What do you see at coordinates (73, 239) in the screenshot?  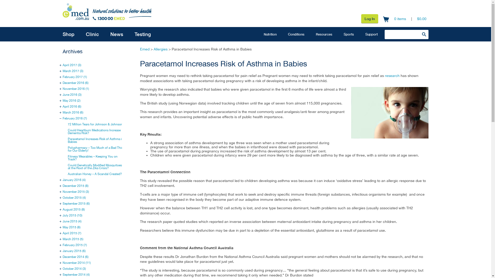 I see `'March 2015 (5)'` at bounding box center [73, 239].